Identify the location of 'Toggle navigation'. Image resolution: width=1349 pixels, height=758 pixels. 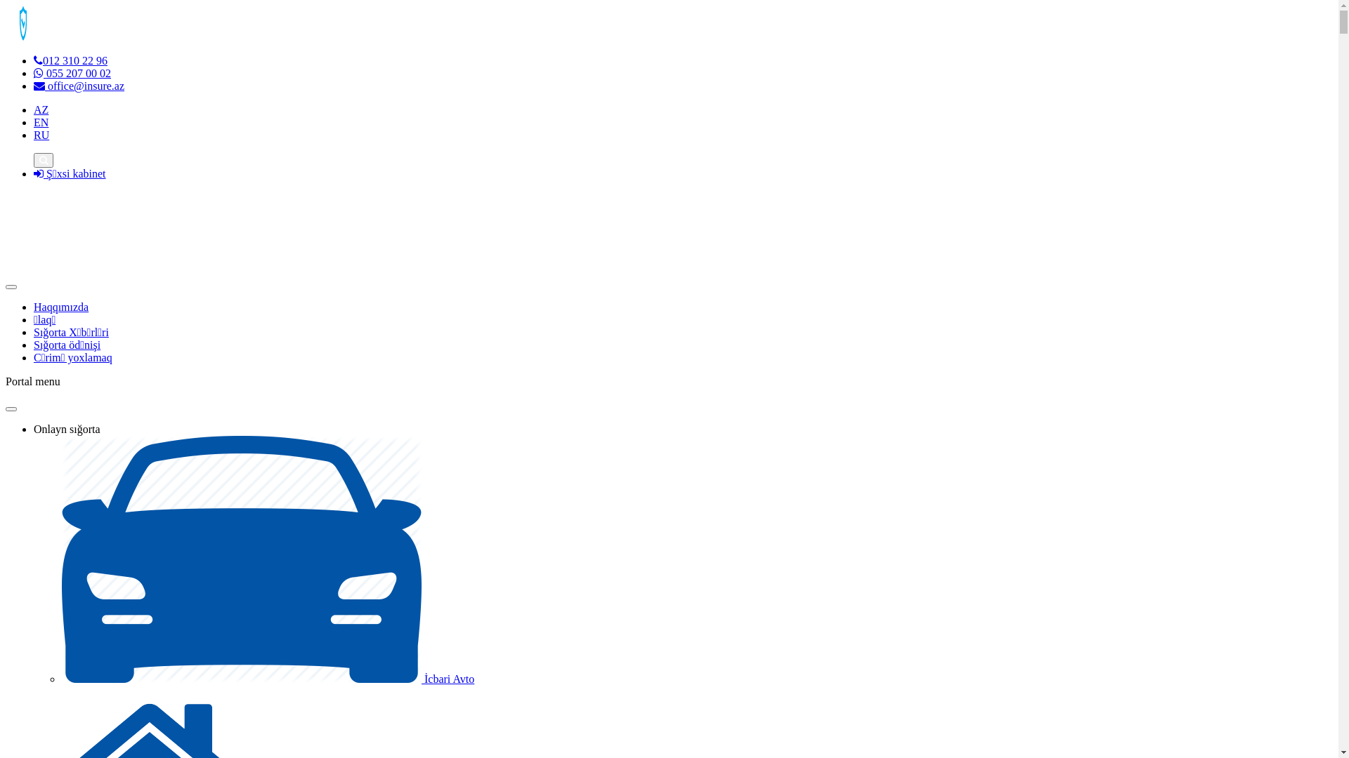
(11, 286).